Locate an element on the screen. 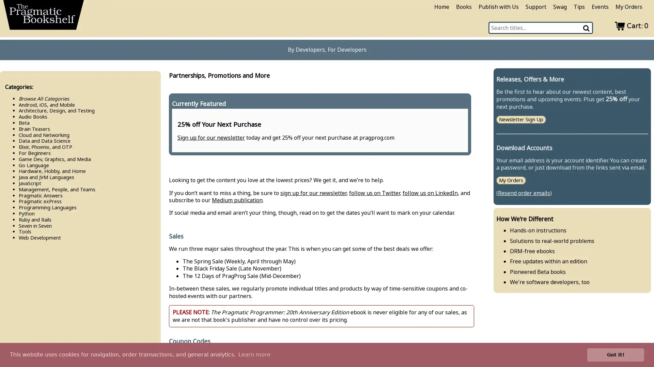 The width and height of the screenshot is (654, 367). dismiss cookie message is located at coordinates (616, 354).